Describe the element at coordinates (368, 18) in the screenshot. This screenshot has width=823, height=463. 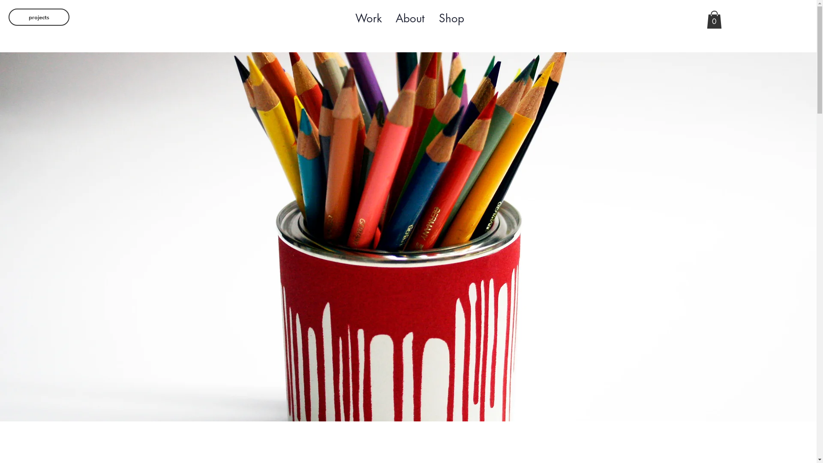
I see `'Work'` at that location.